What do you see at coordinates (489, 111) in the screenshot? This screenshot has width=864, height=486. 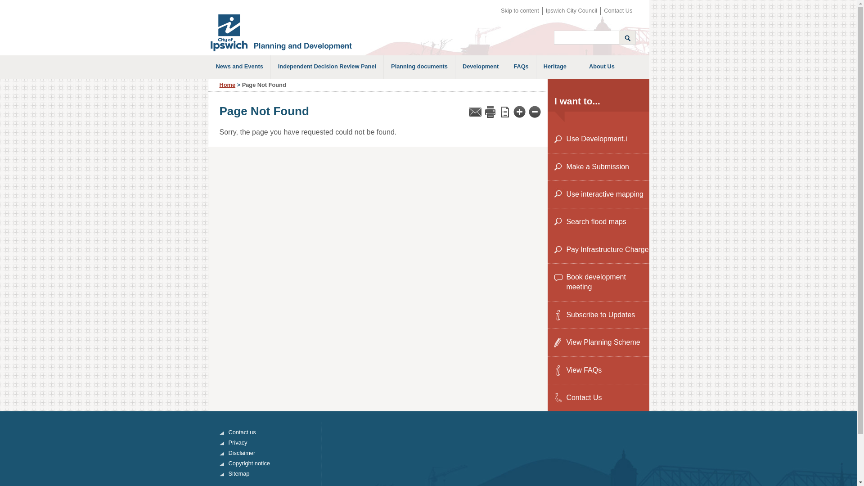 I see `'Print'` at bounding box center [489, 111].